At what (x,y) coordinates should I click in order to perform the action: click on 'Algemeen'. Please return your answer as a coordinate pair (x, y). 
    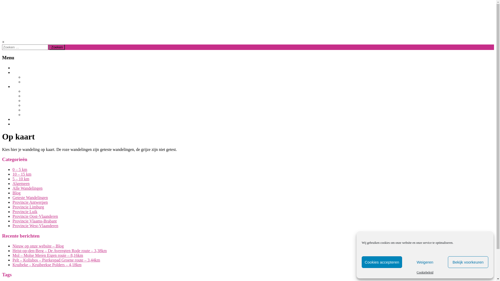
    Looking at the image, I should click on (21, 183).